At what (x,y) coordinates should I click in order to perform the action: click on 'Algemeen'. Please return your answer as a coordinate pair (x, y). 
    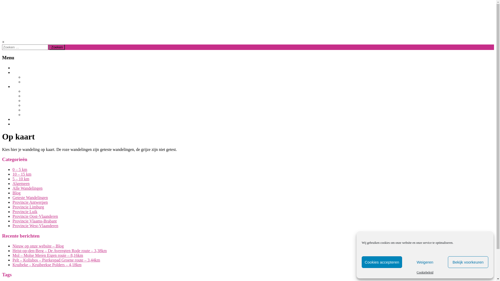
    Looking at the image, I should click on (21, 183).